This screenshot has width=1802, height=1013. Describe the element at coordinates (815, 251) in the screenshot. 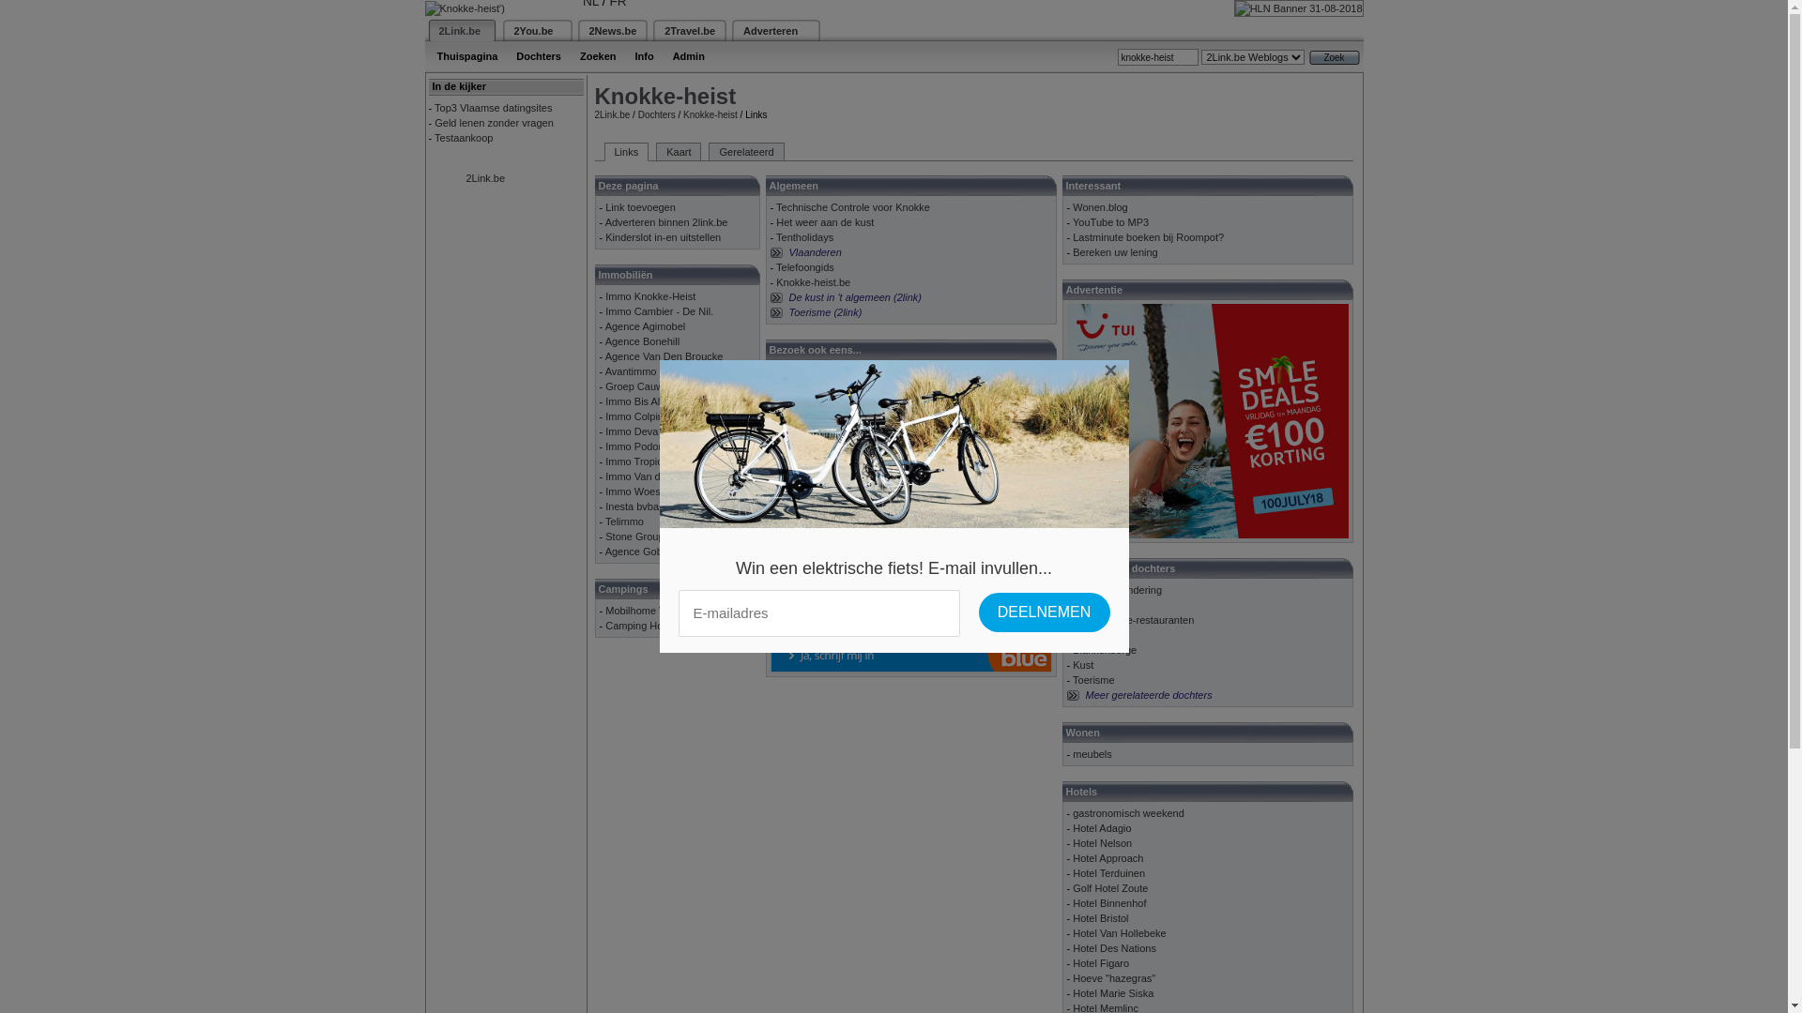

I see `'Vlaanderen'` at that location.